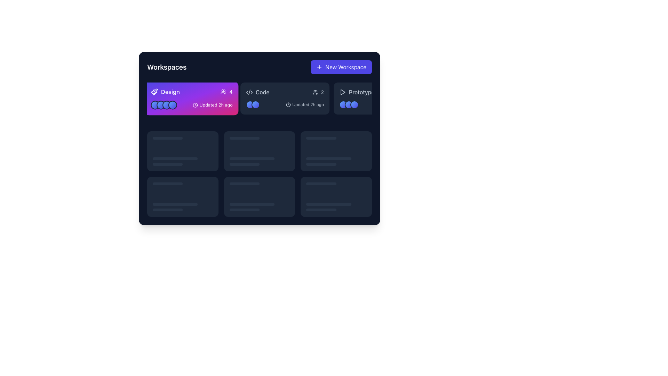  I want to click on the button labeled 'Prototype' which features a triangular play icon, located in the top-right corner of the card-like section, so click(357, 92).